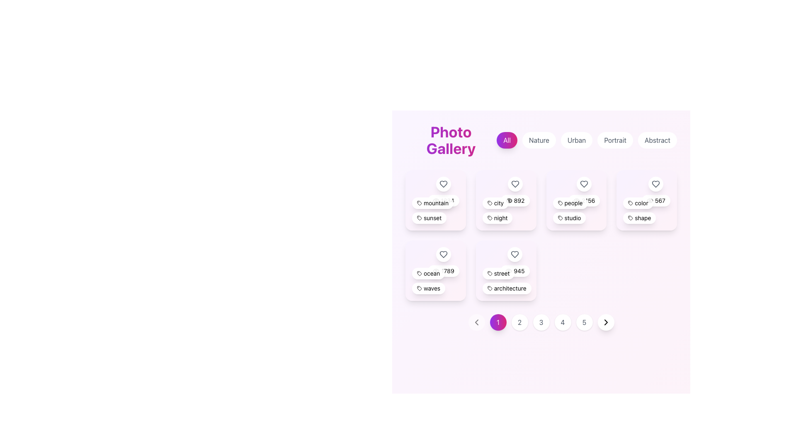 The image size is (796, 447). I want to click on the heart icon button located in the top-right corner of the third grid card in the second row of the gallery layout, so click(443, 254).